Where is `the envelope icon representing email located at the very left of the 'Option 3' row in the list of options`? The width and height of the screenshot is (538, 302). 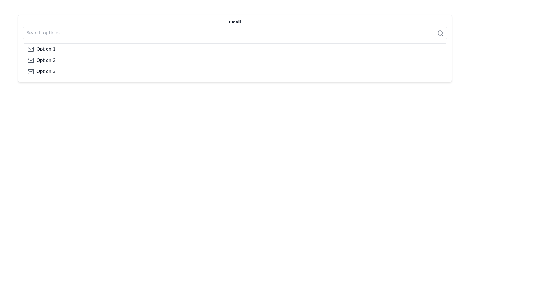 the envelope icon representing email located at the very left of the 'Option 3' row in the list of options is located at coordinates (31, 71).